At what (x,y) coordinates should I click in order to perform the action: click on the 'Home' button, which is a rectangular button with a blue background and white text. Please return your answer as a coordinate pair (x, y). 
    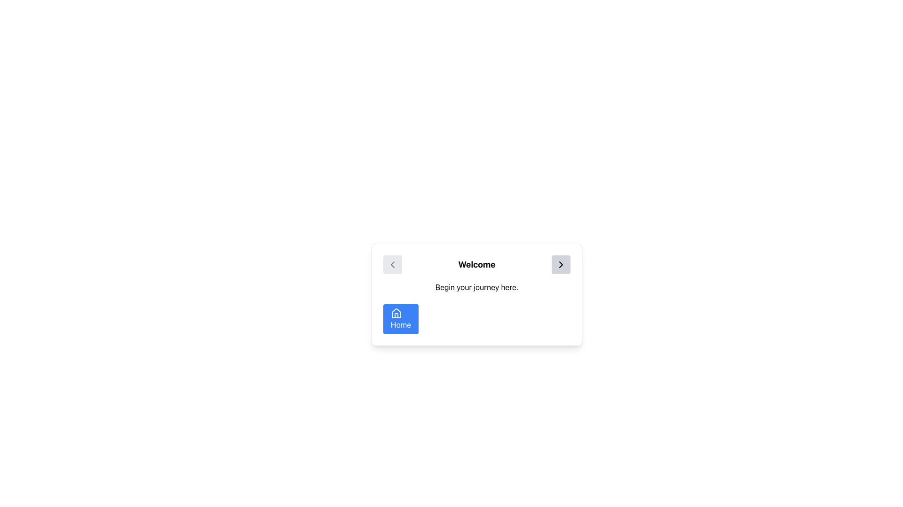
    Looking at the image, I should click on (401, 318).